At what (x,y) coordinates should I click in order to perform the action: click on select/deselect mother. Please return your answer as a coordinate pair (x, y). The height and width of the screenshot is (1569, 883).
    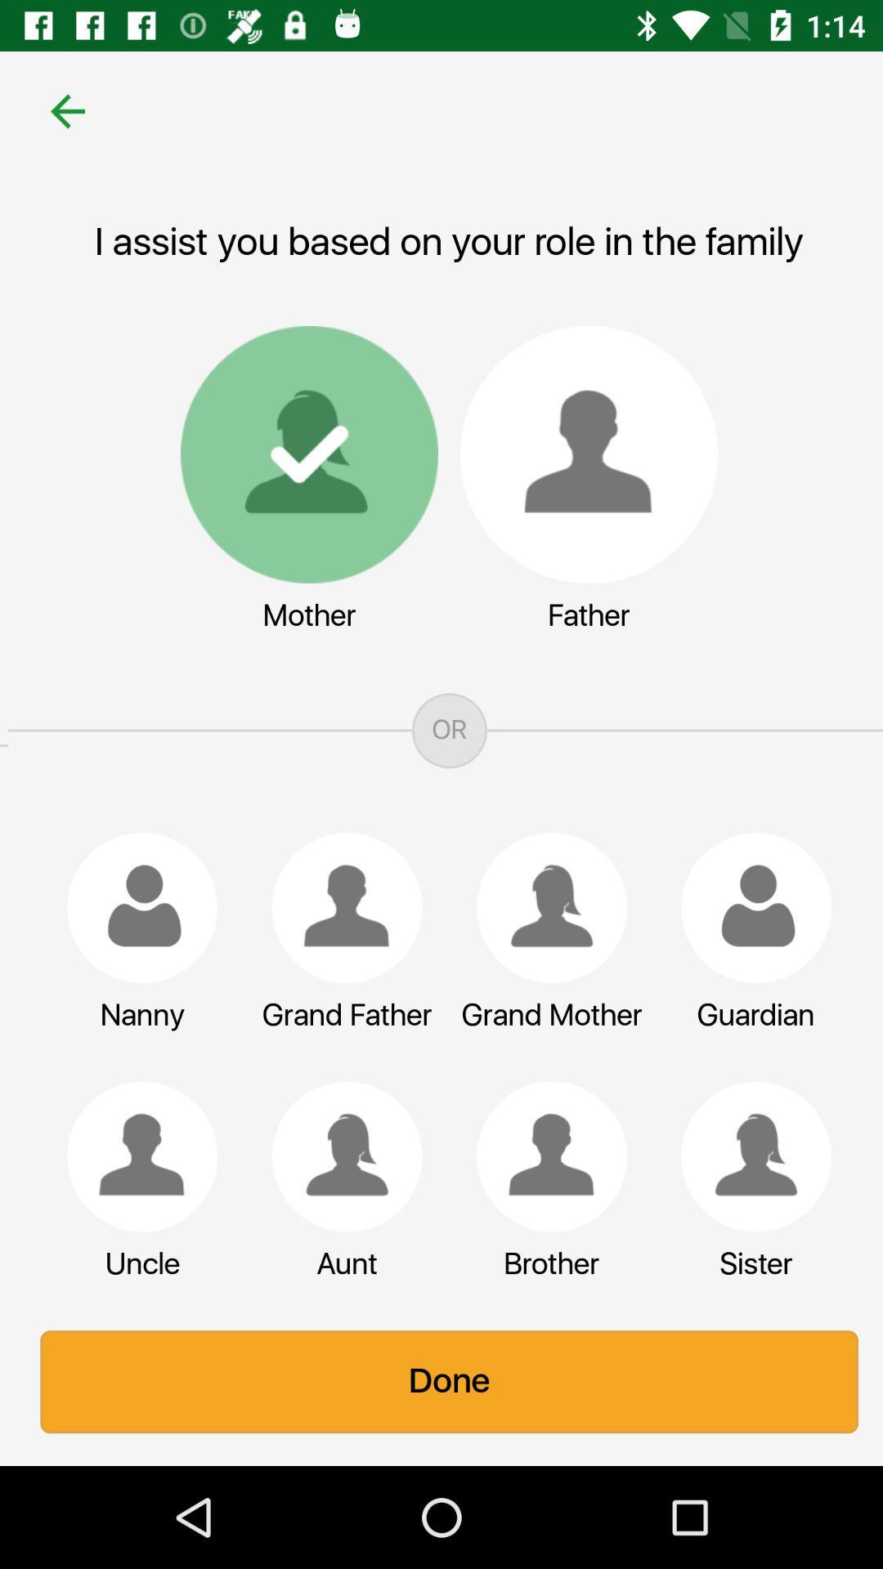
    Looking at the image, I should click on (302, 454).